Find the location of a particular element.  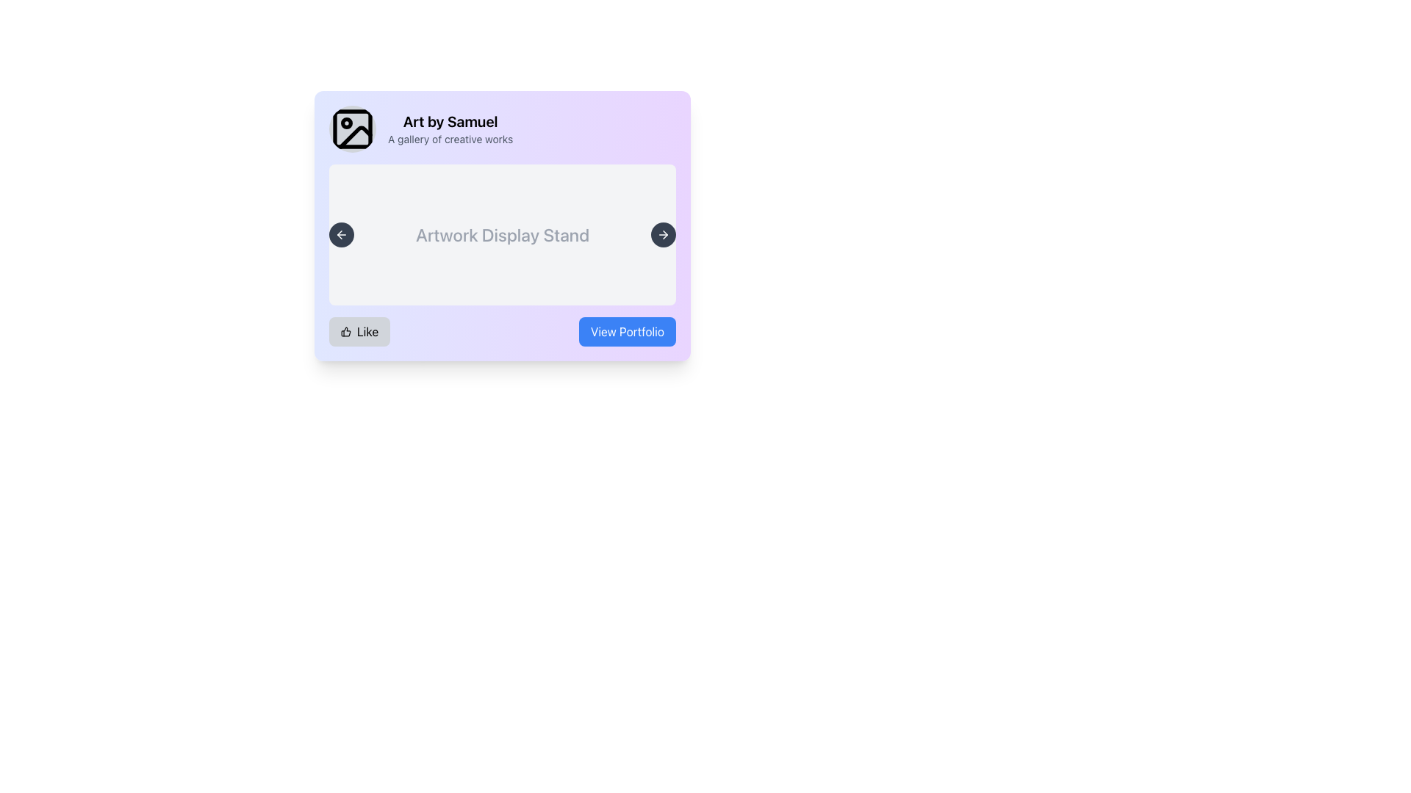

the text display element that shows 'Art by Samuel' as the title and 'A gallery of creative works' as the subtitle, positioned within a card-like structure in the upper-left quadrant is located at coordinates (450, 128).